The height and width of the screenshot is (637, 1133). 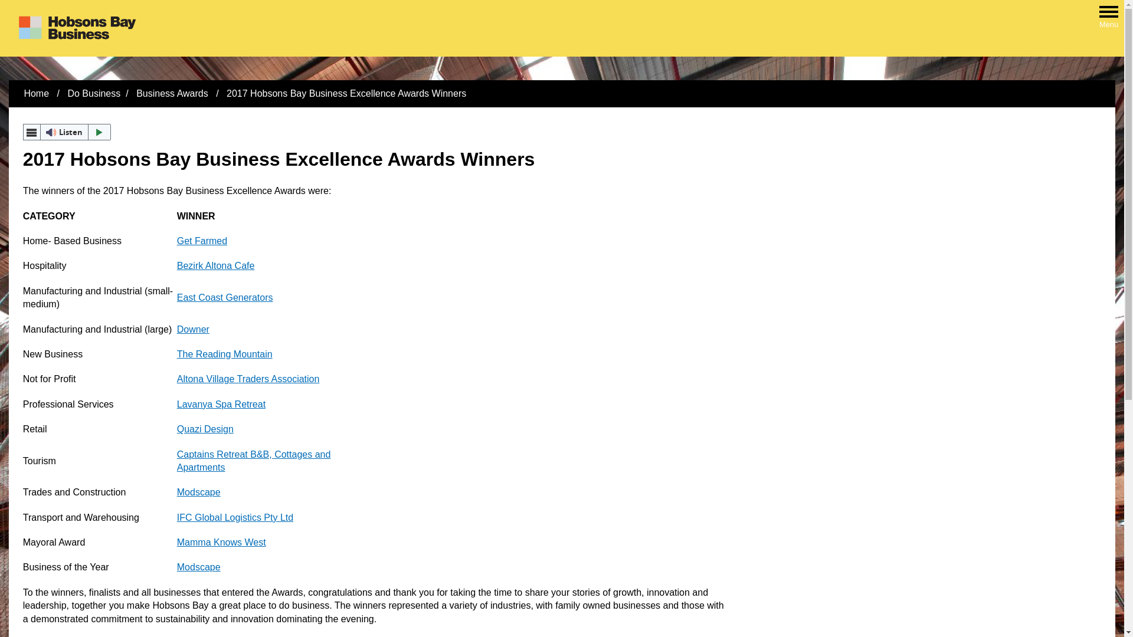 I want to click on 'East Coast Generators', so click(x=225, y=297).